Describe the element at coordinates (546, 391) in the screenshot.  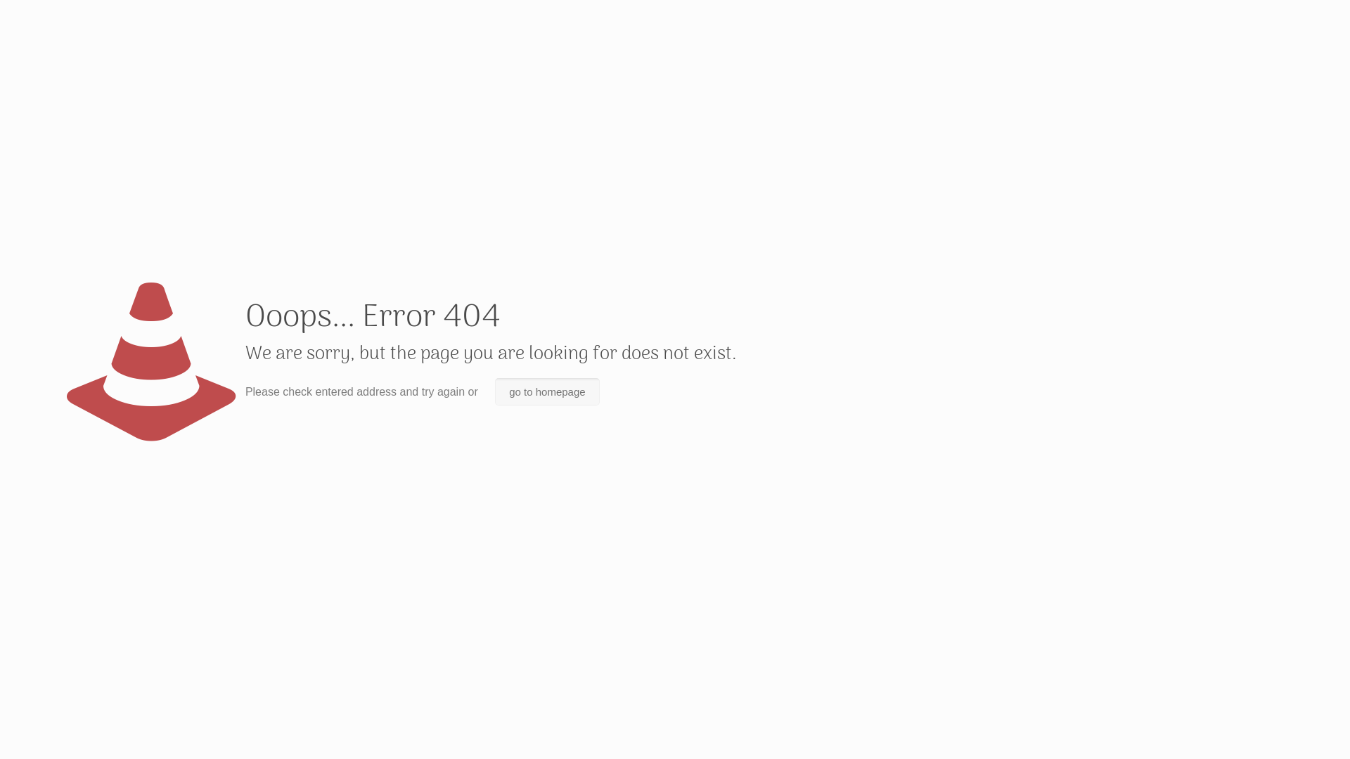
I see `'go to homepage'` at that location.